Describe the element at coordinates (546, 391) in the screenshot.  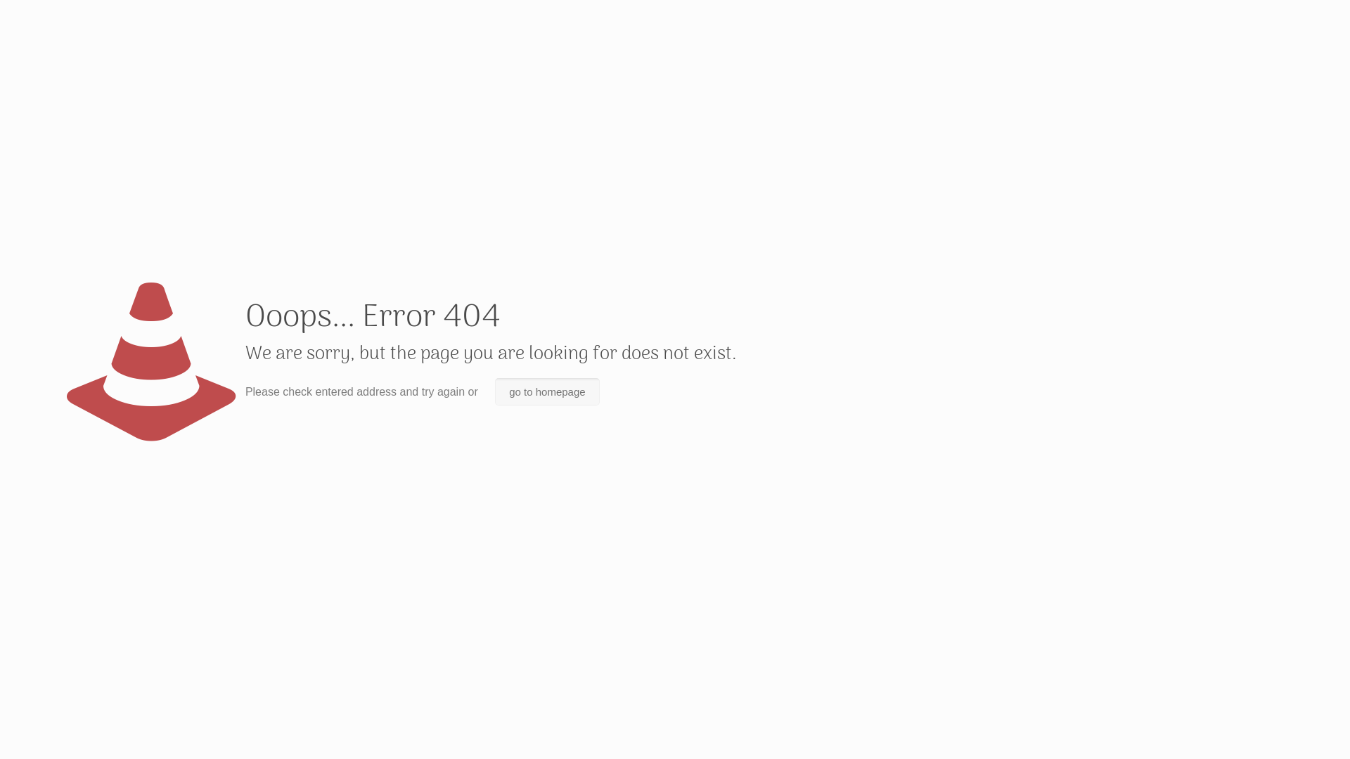
I see `'go to homepage'` at that location.